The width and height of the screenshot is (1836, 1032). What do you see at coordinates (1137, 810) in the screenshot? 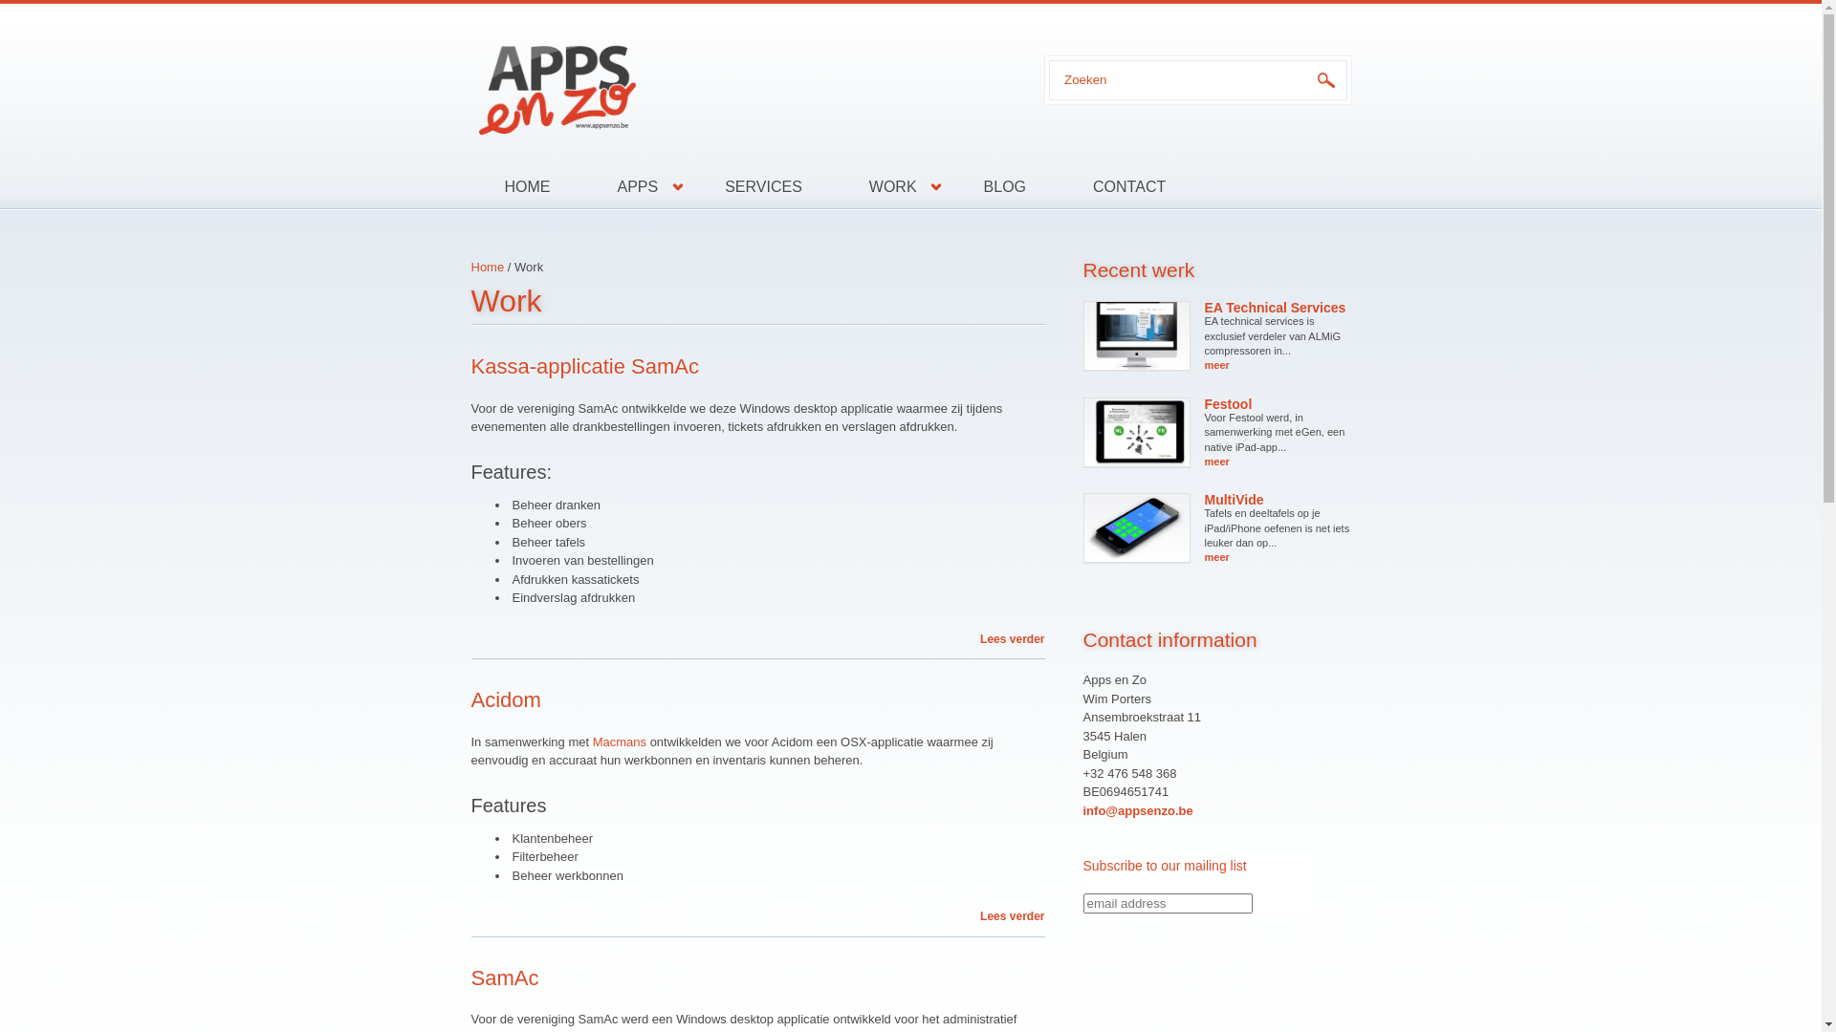
I see `'info@appsenzo.be'` at bounding box center [1137, 810].